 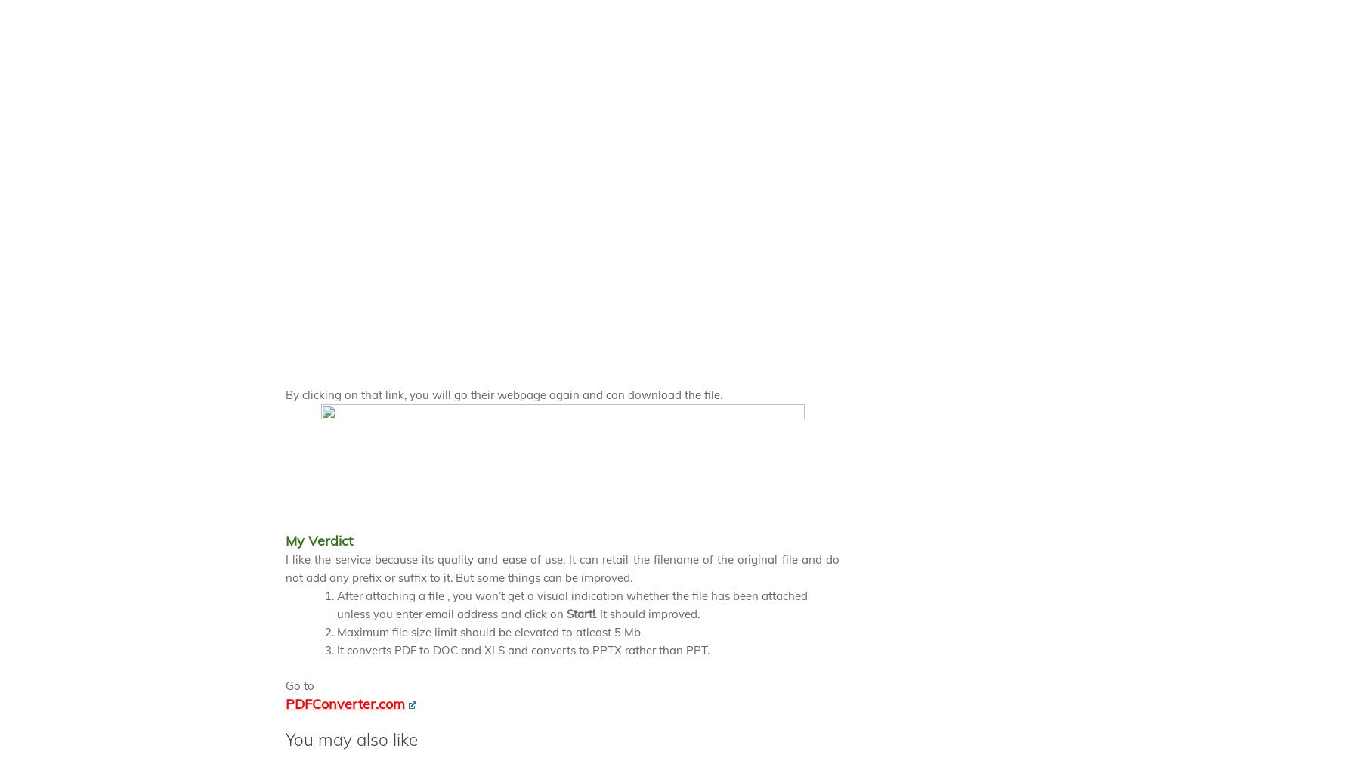 What do you see at coordinates (562, 568) in the screenshot?
I see `'I like the service because its quality and ease of use. It can retail the filename of the original file and do not add any prefix or suffix to it. But some things can be improved.'` at bounding box center [562, 568].